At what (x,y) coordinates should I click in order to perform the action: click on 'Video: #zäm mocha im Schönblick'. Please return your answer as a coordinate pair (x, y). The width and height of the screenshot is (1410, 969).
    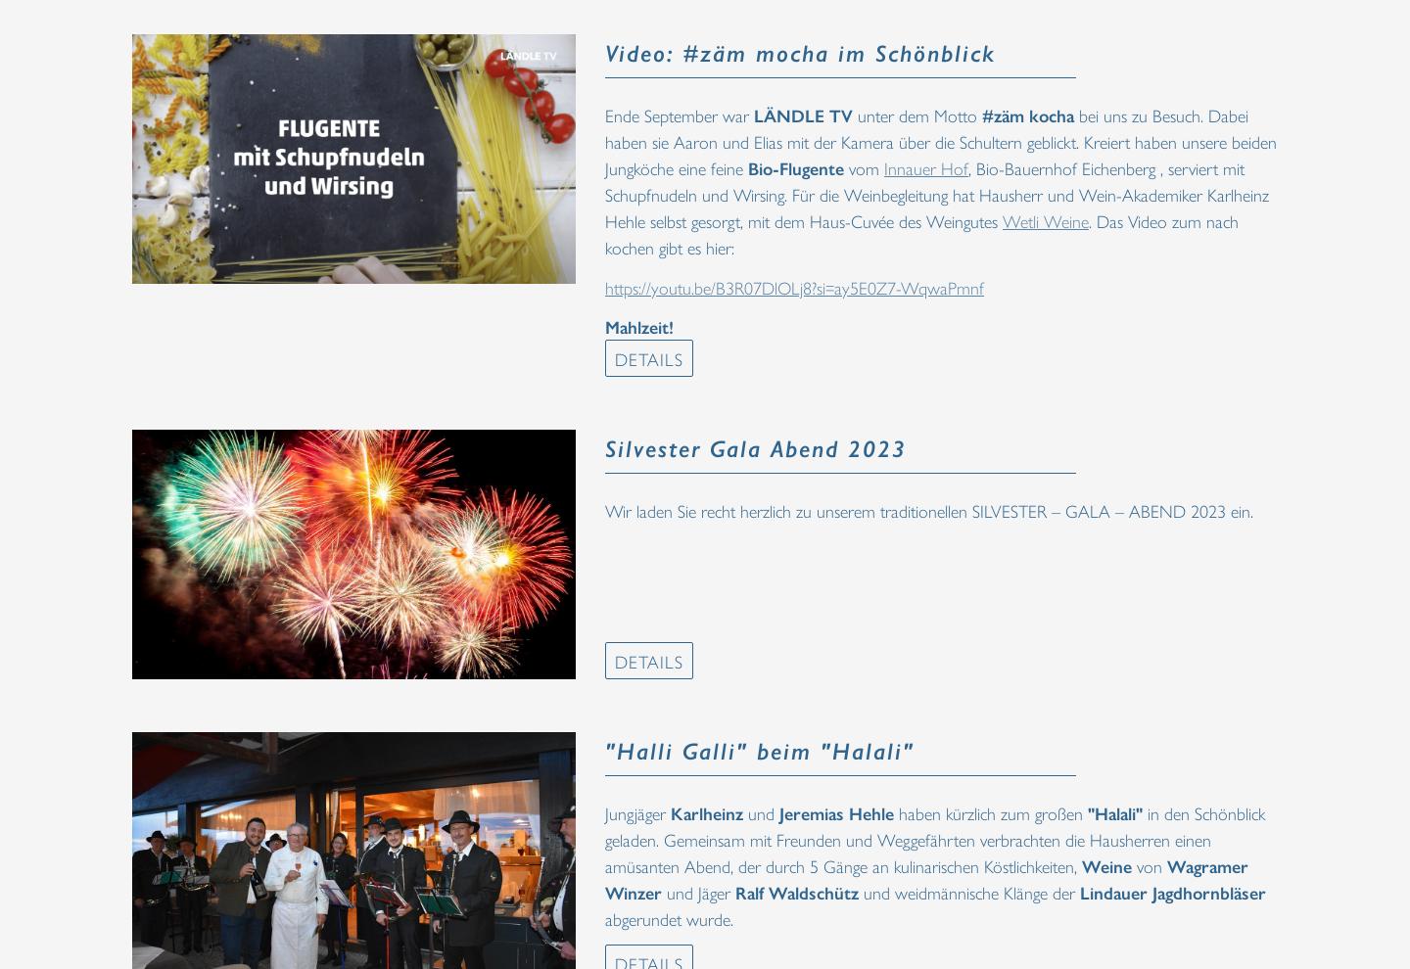
    Looking at the image, I should click on (800, 51).